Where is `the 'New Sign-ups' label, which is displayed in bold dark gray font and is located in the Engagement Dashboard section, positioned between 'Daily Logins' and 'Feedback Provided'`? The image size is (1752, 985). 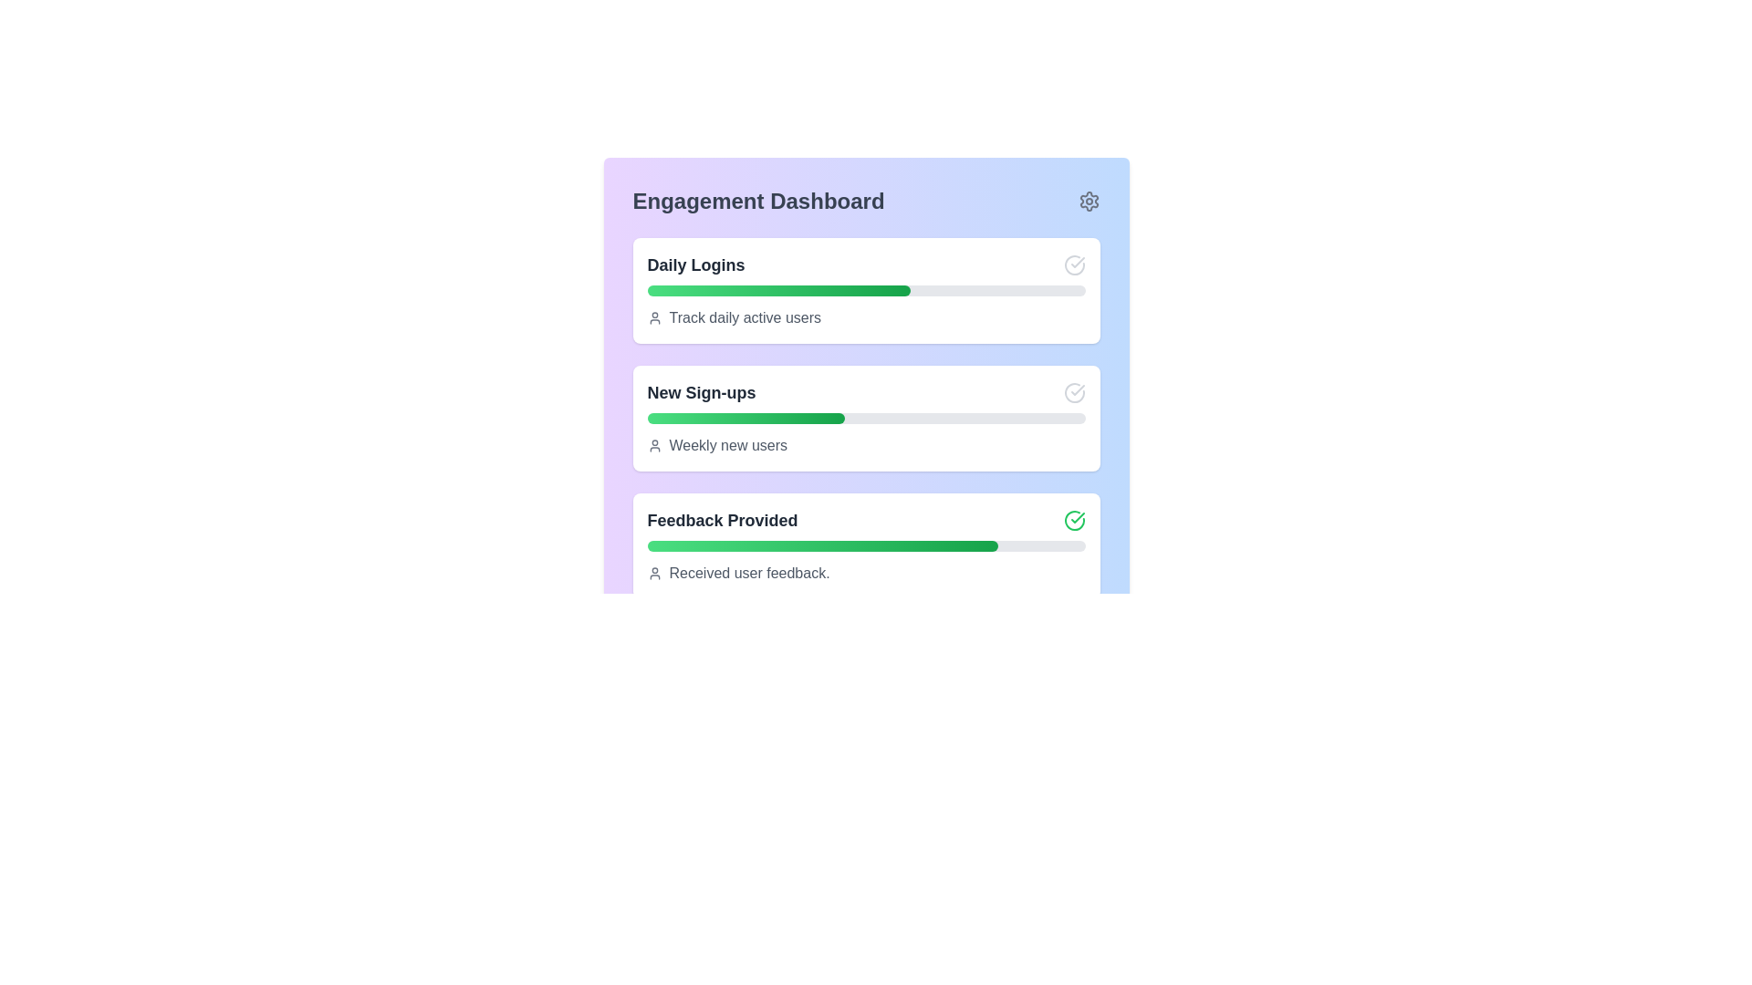 the 'New Sign-ups' label, which is displayed in bold dark gray font and is located in the Engagement Dashboard section, positioned between 'Daily Logins' and 'Feedback Provided' is located at coordinates (700, 392).